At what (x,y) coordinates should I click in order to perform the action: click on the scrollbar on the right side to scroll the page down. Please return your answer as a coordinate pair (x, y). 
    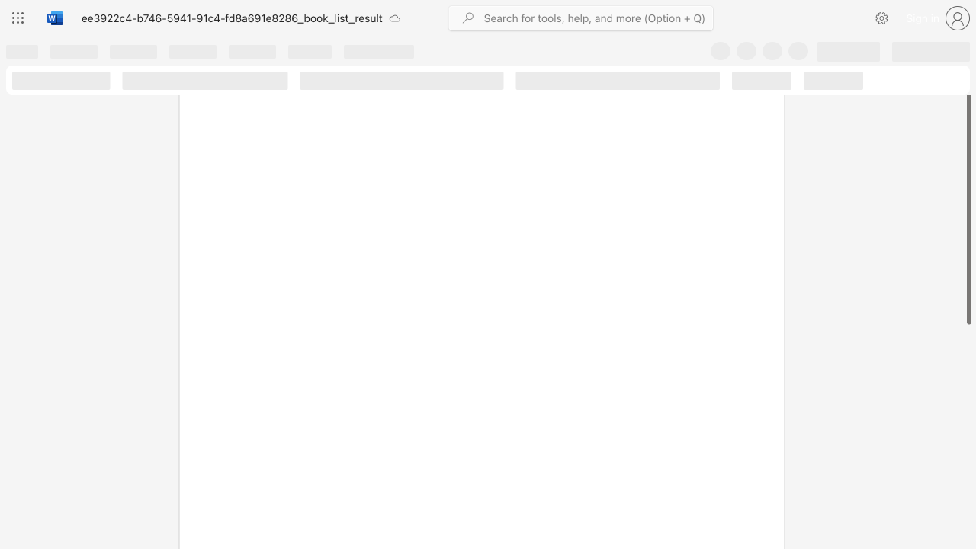
    Looking at the image, I should click on (968, 448).